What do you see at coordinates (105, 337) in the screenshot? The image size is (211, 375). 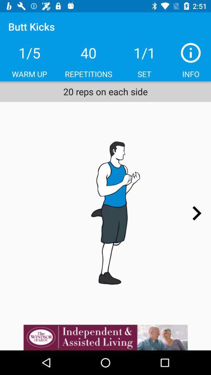 I see `open advertisement` at bounding box center [105, 337].